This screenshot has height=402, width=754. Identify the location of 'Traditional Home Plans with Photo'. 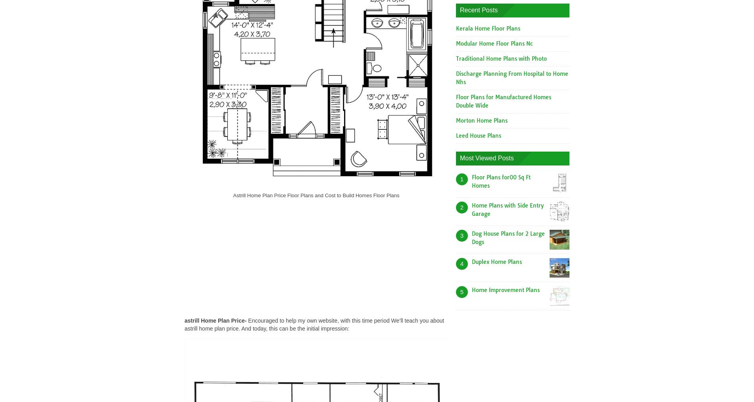
(501, 58).